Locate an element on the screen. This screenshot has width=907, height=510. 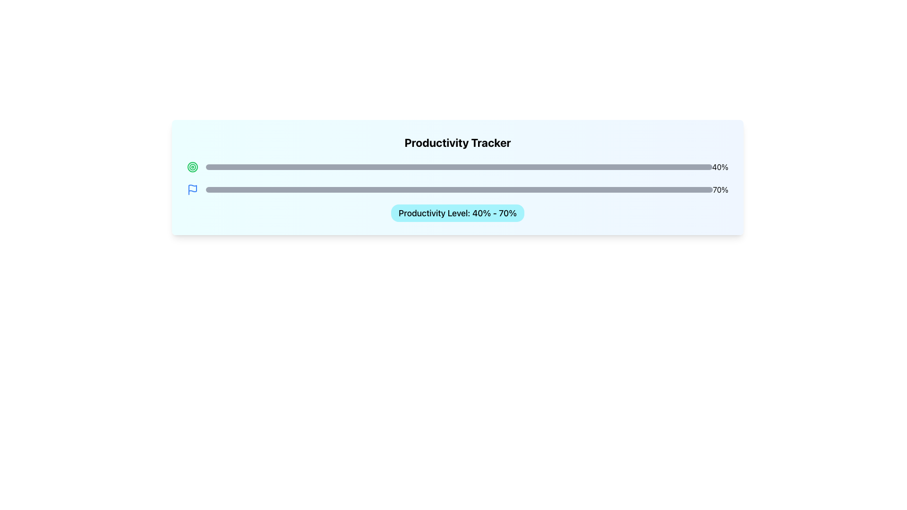
the current range value of the Progress Bar located beneath the percentage label and above the productivity level indicator is located at coordinates (459, 189).